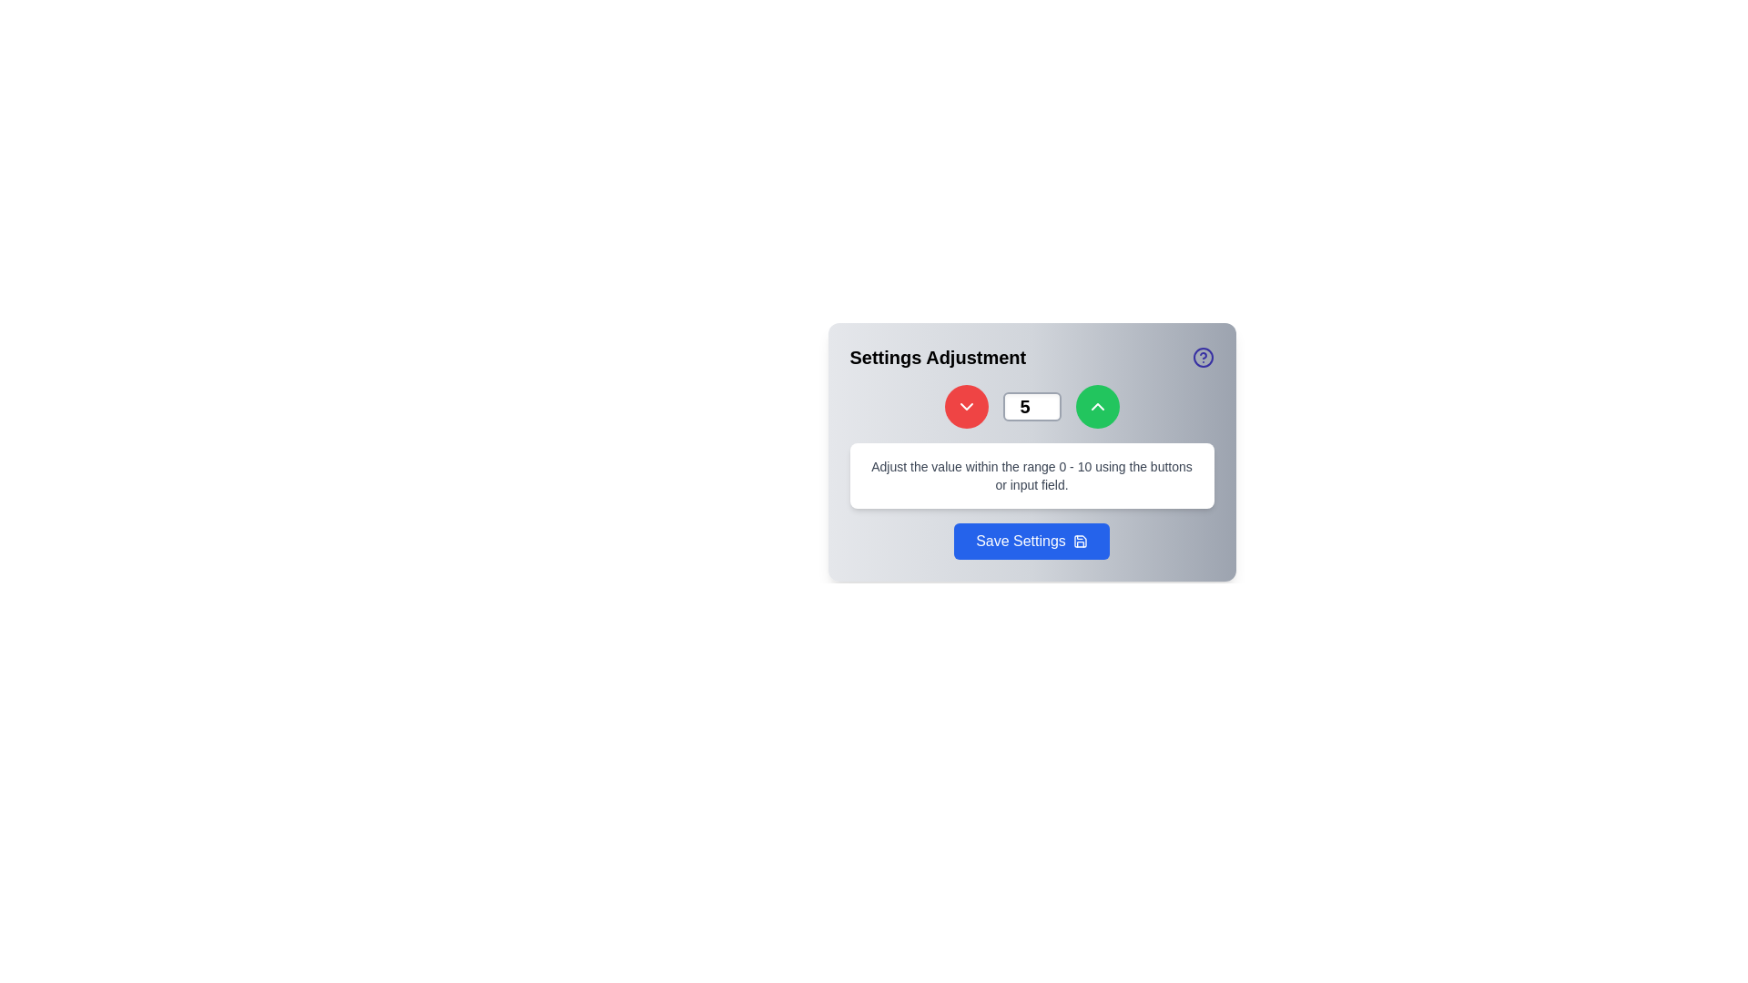 This screenshot has height=983, width=1748. Describe the element at coordinates (1203, 358) in the screenshot. I see `the circular help icon with a question mark in its center, located in the header of the 'Settings Adjustment' dialog box` at that location.